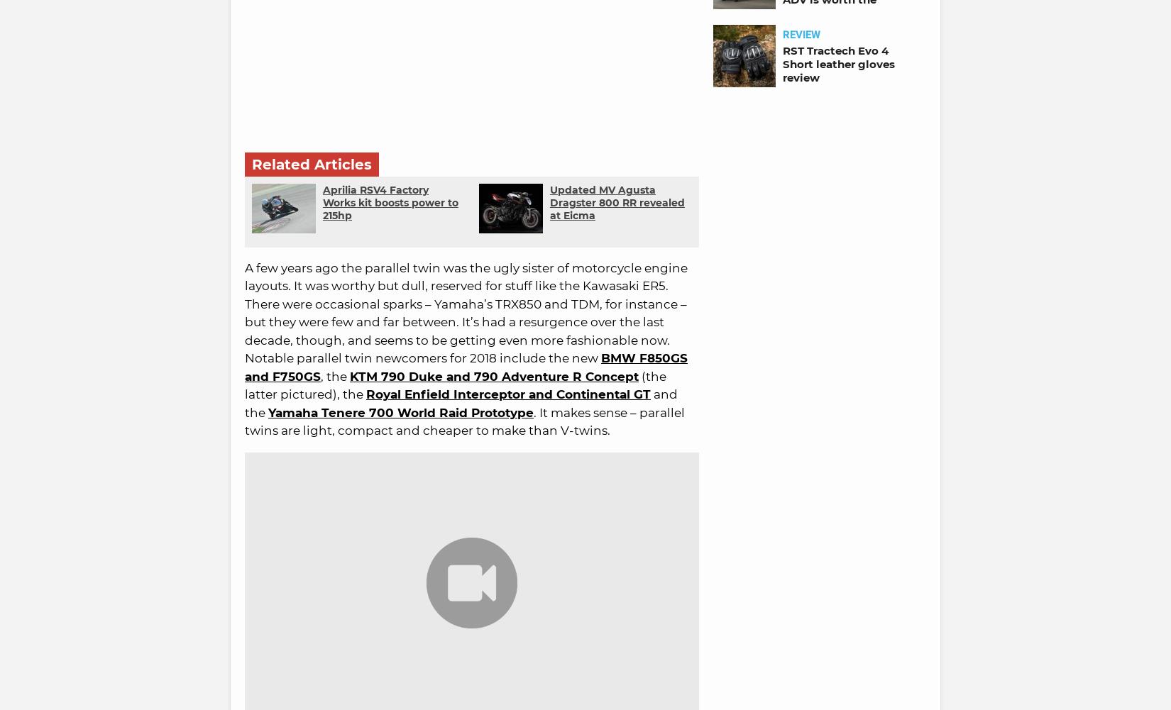 The image size is (1171, 710). Describe the element at coordinates (617, 201) in the screenshot. I see `'Updated MV Agusta Dragster 800 RR revealed at Eicma'` at that location.